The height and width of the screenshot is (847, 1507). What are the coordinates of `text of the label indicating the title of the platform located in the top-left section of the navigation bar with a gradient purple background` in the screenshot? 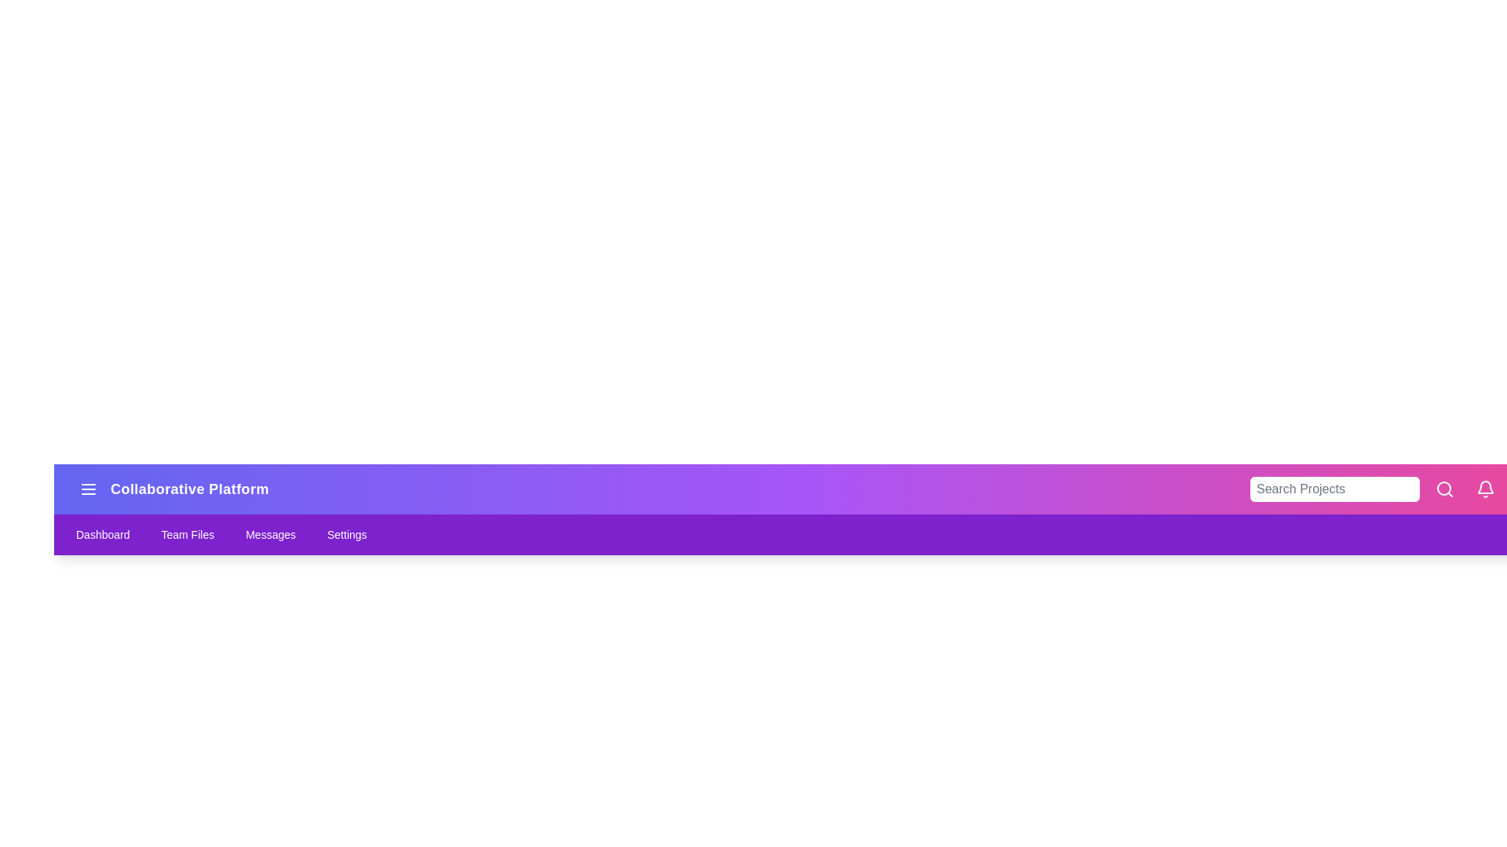 It's located at (170, 489).